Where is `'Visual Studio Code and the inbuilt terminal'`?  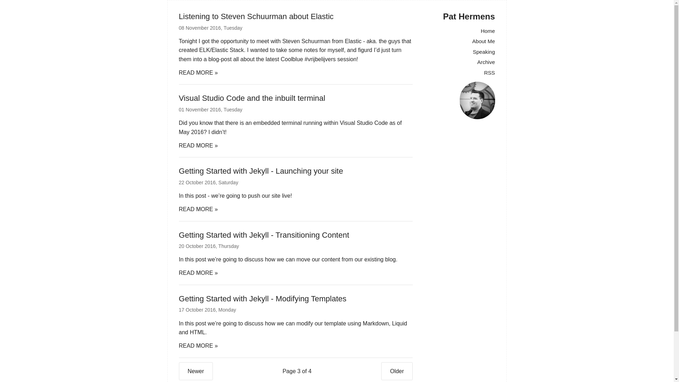
'Visual Studio Code and the inbuilt terminal' is located at coordinates (252, 98).